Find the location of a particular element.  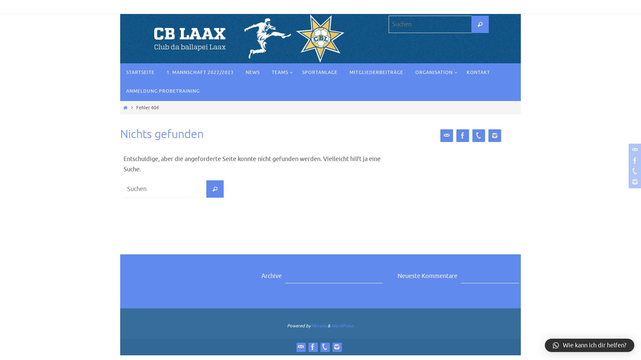

'ORGANISATION' is located at coordinates (409, 73).